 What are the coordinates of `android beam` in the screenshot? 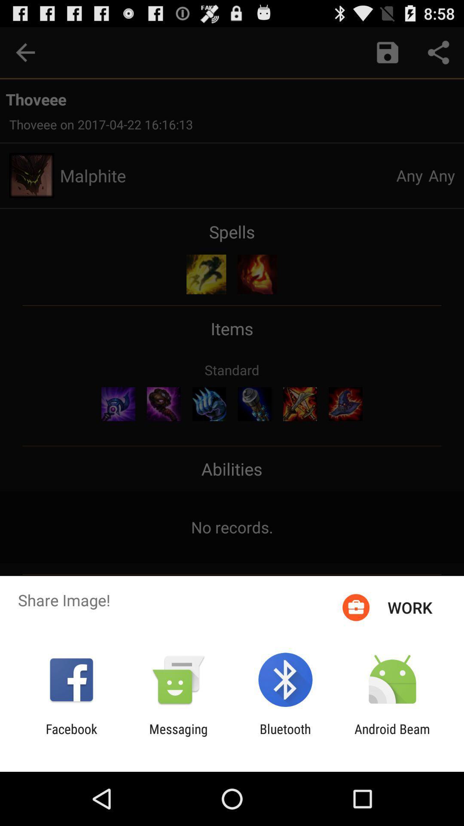 It's located at (392, 736).